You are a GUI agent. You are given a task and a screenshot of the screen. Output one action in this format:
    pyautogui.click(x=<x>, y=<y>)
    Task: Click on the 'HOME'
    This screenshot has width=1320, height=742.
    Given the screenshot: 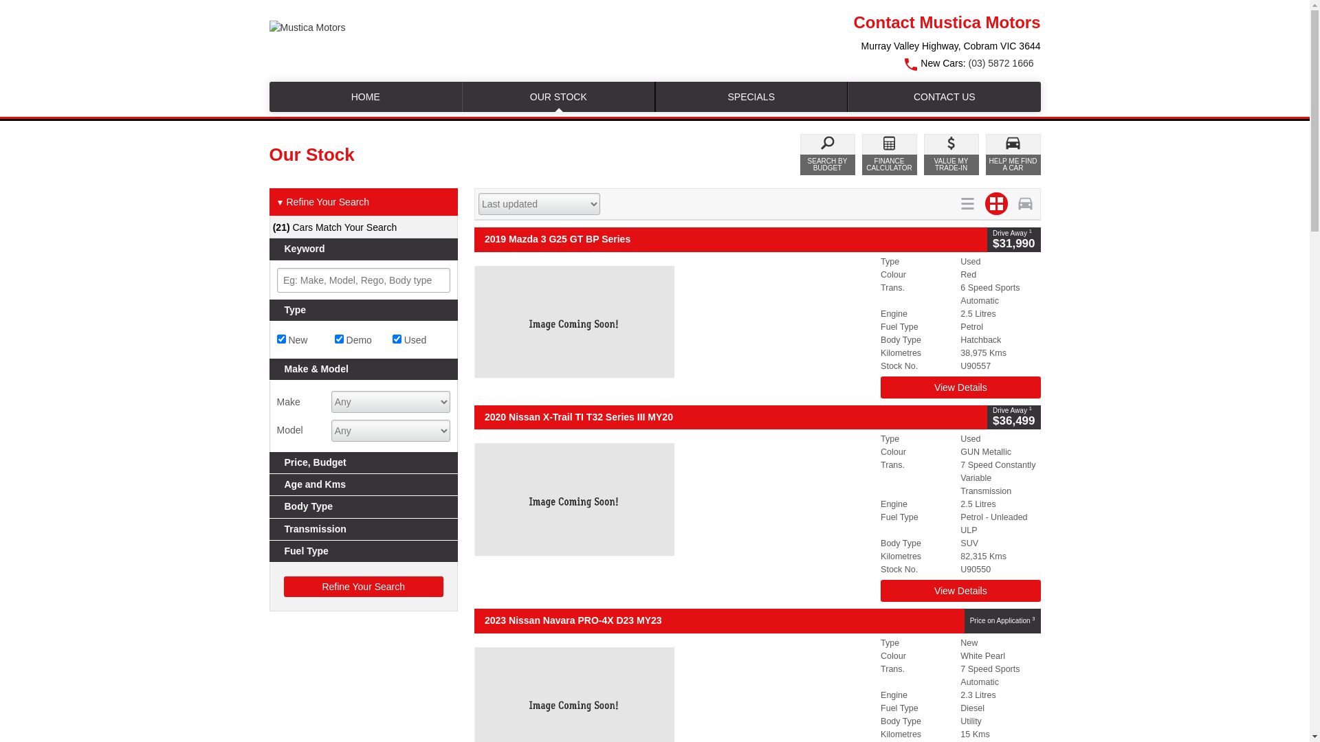 What is the action you would take?
    pyautogui.click(x=366, y=96)
    